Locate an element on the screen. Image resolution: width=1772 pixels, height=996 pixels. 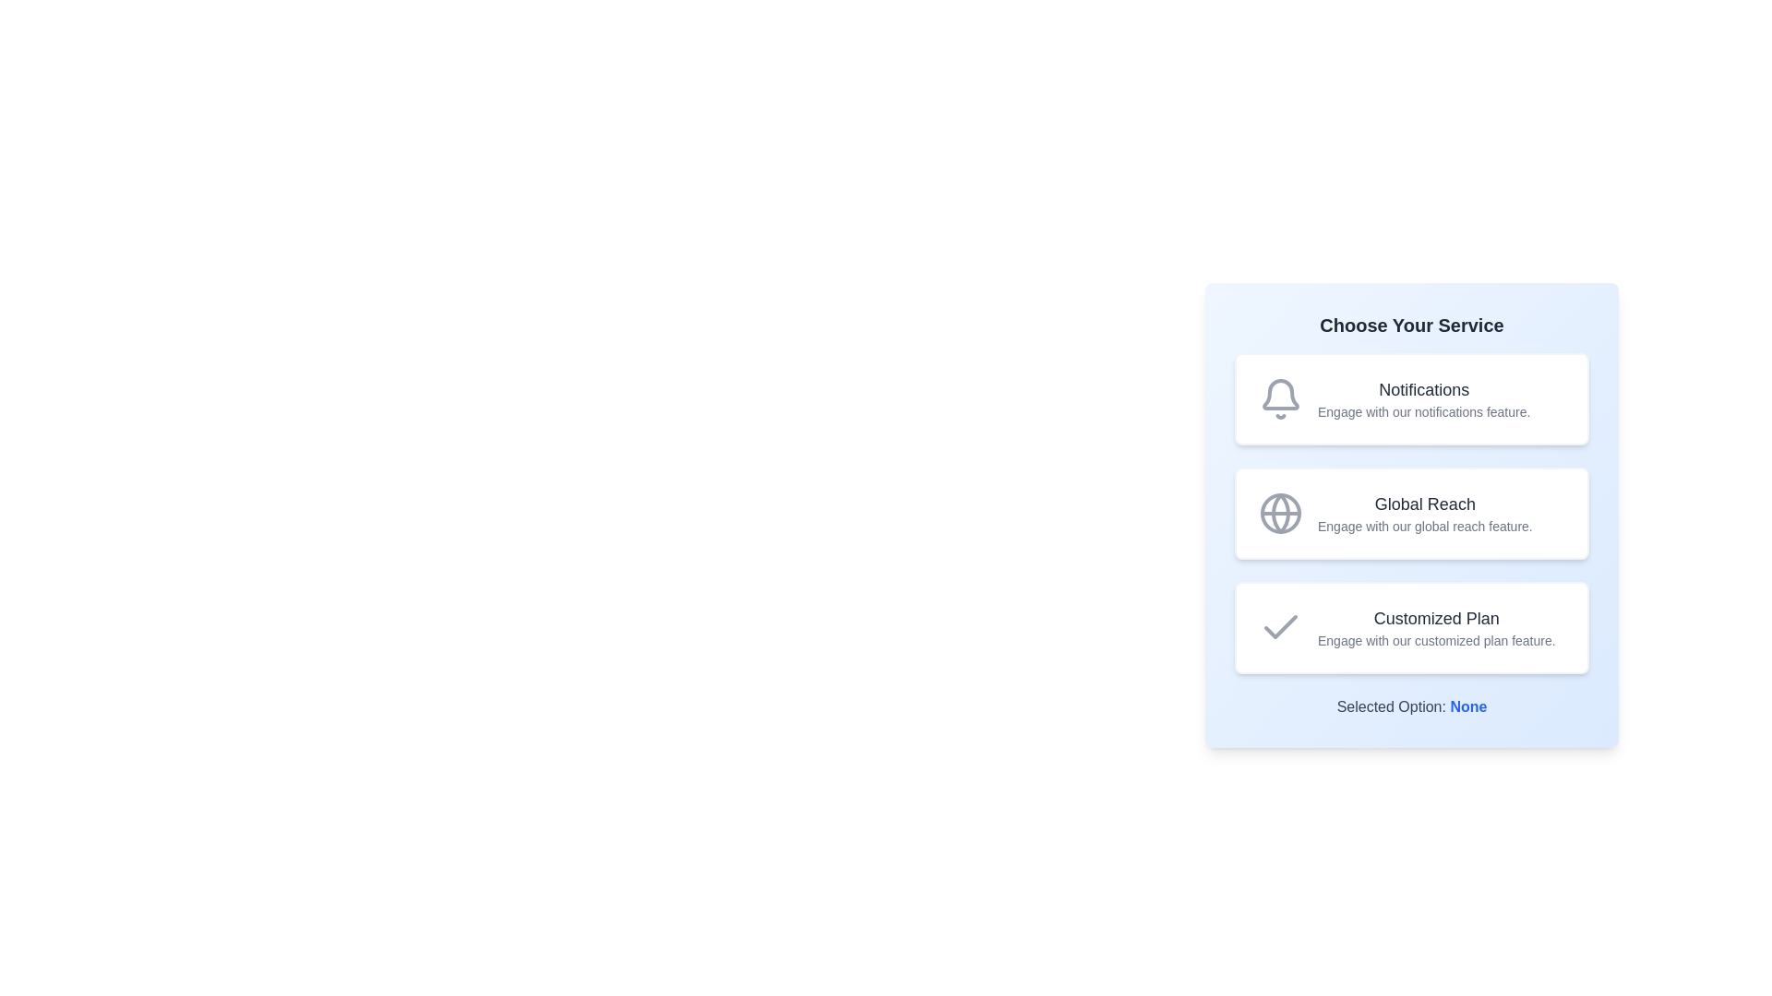
the 'Global Reach' card element located in the 'Choose Your Service' section is located at coordinates (1411, 513).